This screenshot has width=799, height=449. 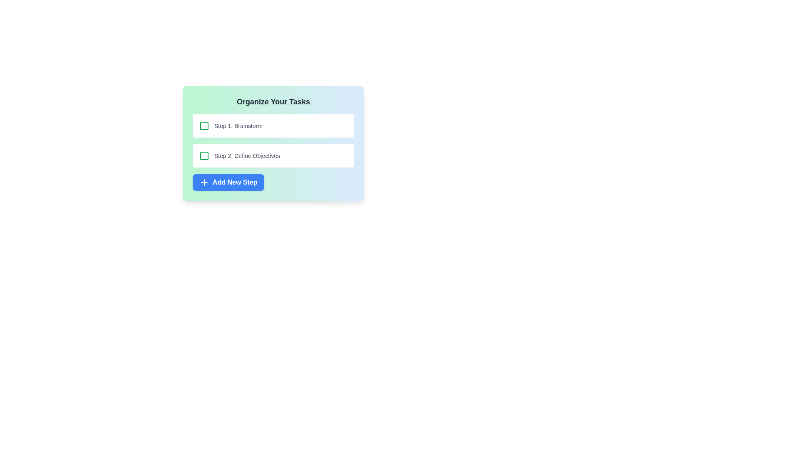 I want to click on the interactive checkbox or icon located to the left of the text 'Step 2: Define Objectives' within the card labeled 'Step 2', so click(x=204, y=155).